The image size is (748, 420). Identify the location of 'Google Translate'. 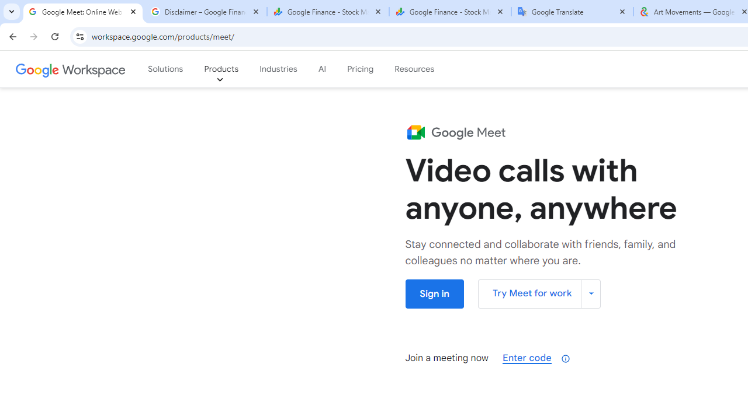
(572, 12).